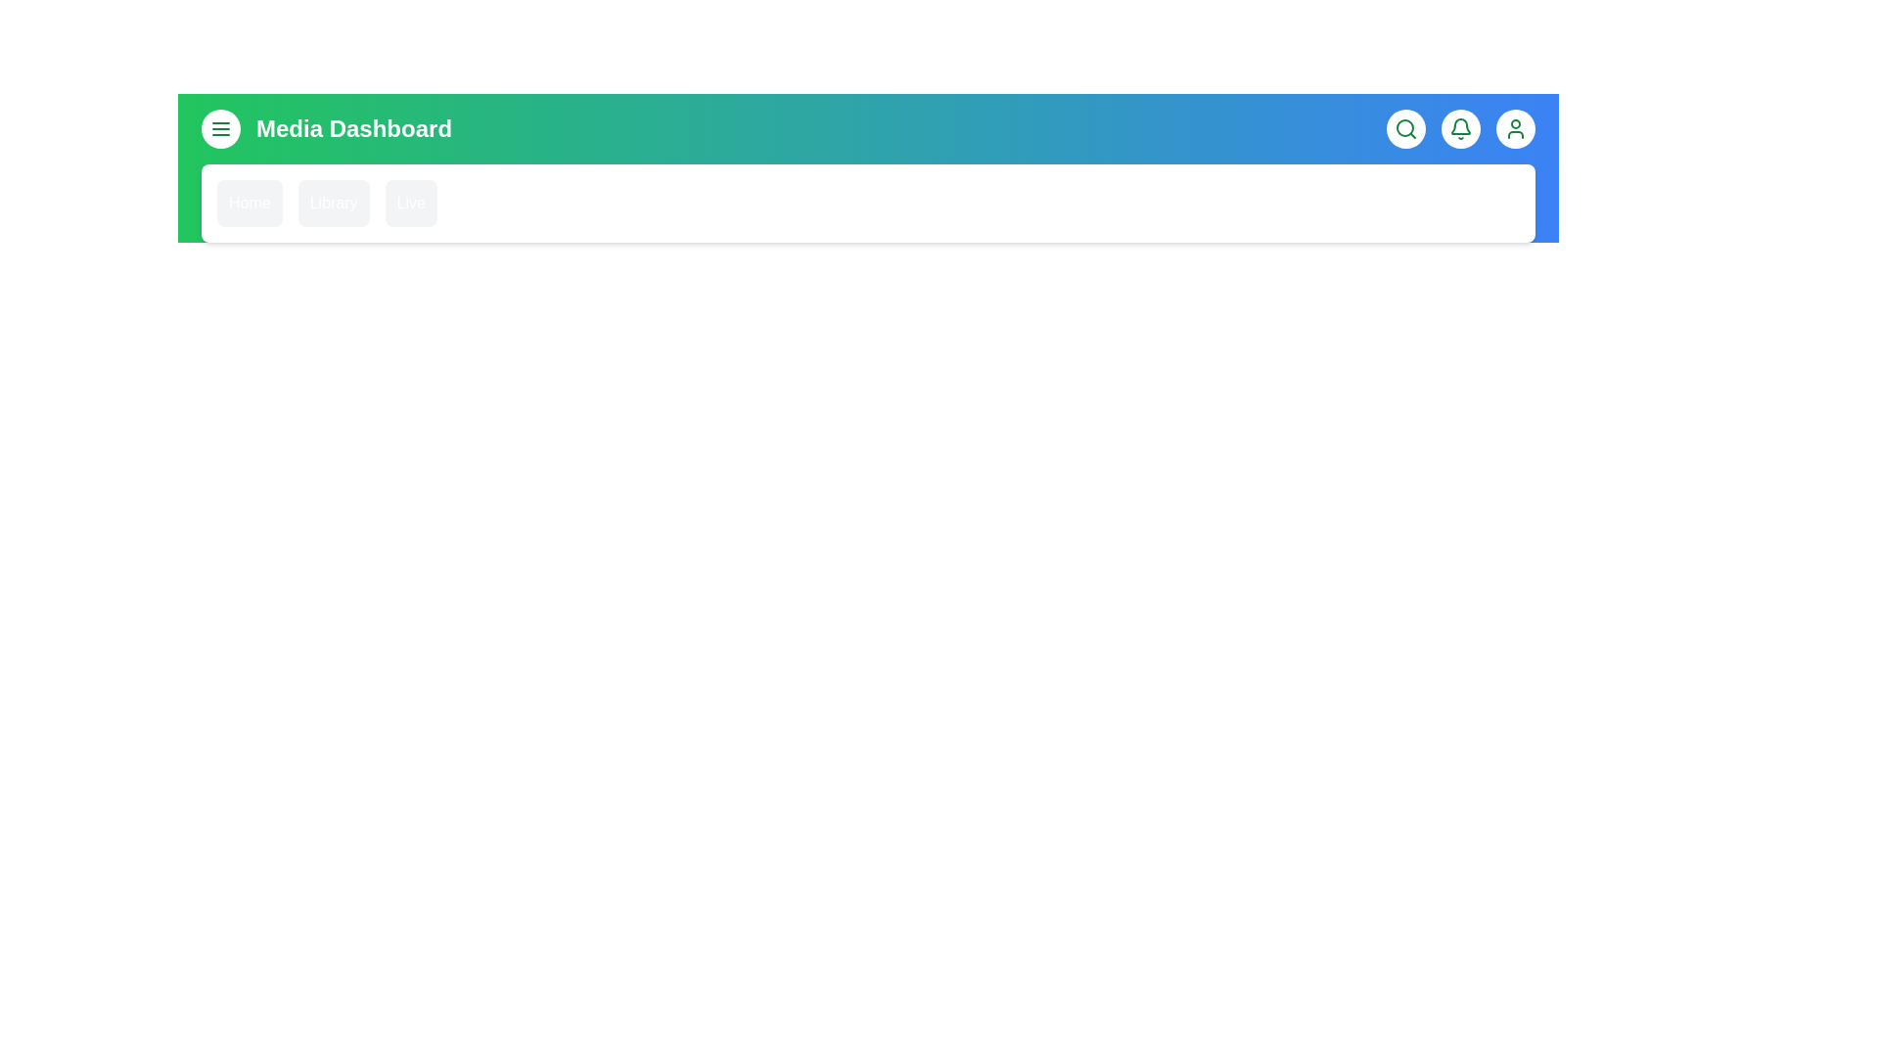 The image size is (1879, 1057). Describe the element at coordinates (1460, 128) in the screenshot. I see `the notification bell icon` at that location.